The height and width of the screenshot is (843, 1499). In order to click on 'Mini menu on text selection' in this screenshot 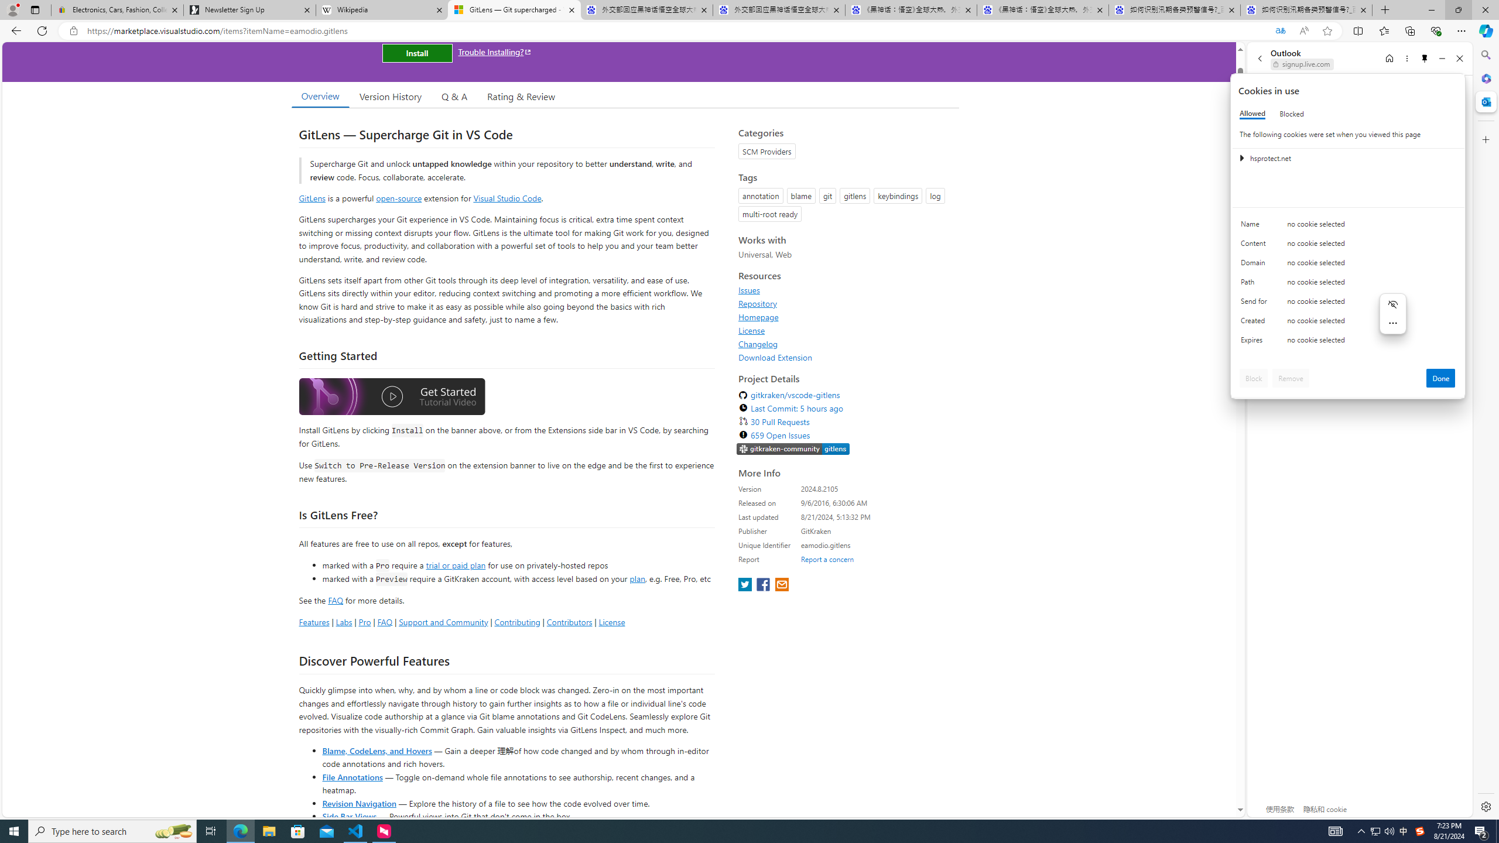, I will do `click(1392, 320)`.